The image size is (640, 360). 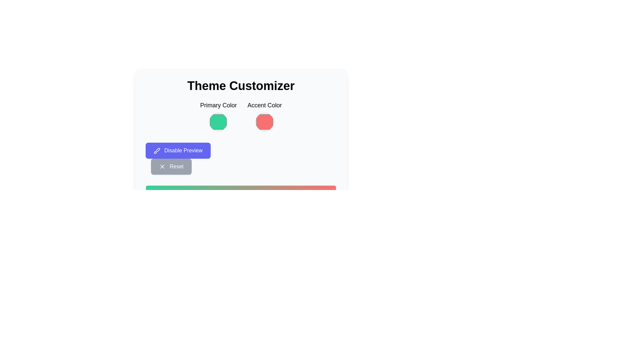 I want to click on the 'Reset' button, which is a rectangular button with a grayish background and a white 'X' icon to the left of the centered text, located below the 'Disable Preview' button, so click(x=171, y=166).